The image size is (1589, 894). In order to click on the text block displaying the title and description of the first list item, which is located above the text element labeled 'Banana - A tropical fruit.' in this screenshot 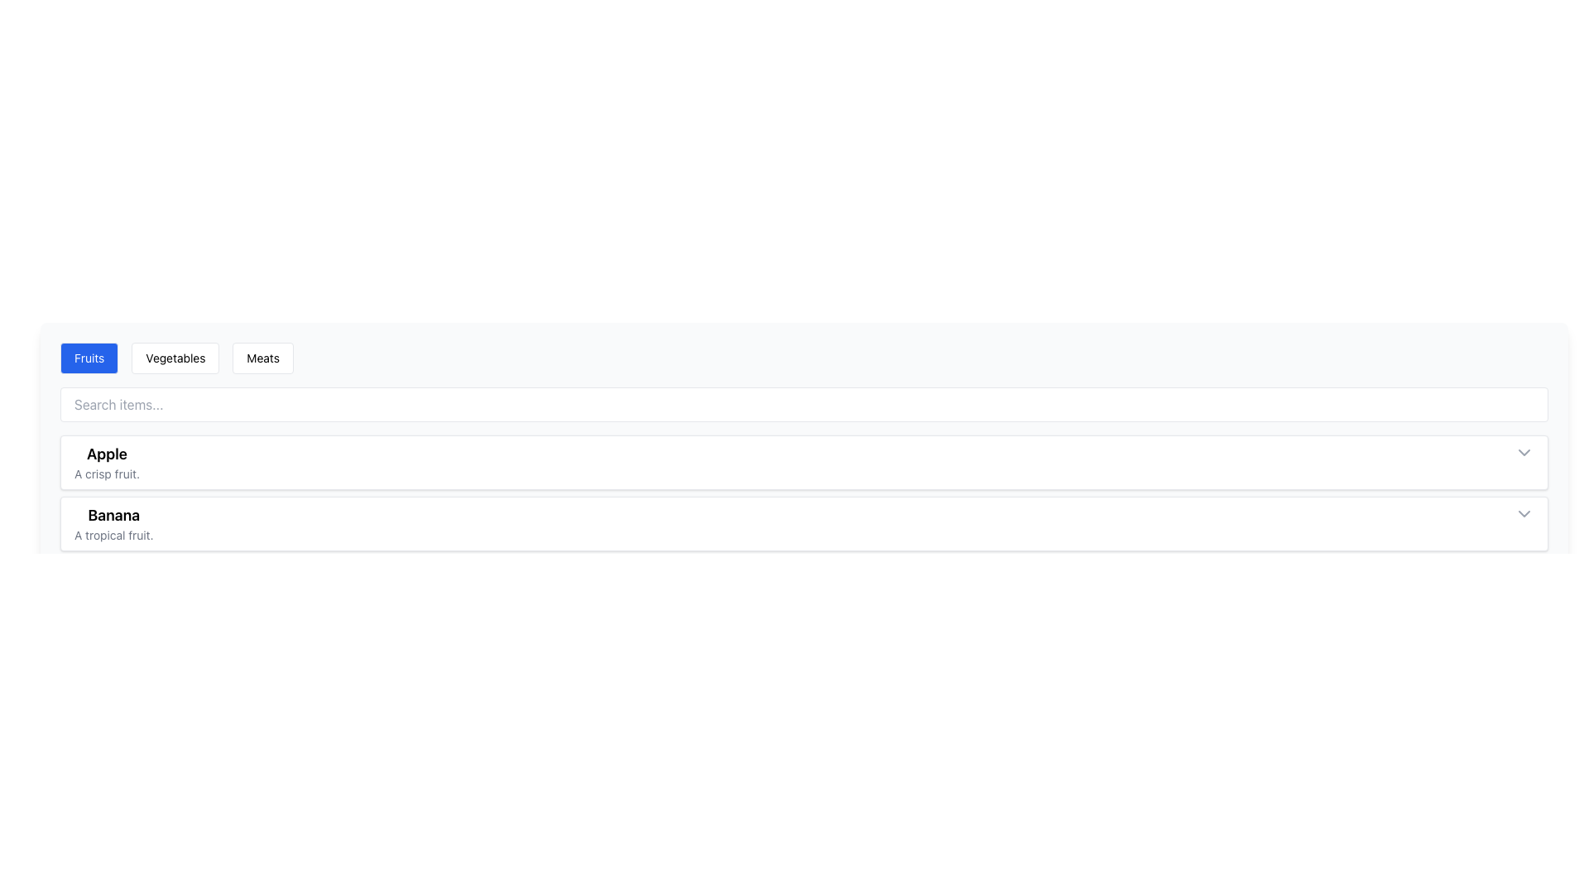, I will do `click(106, 463)`.